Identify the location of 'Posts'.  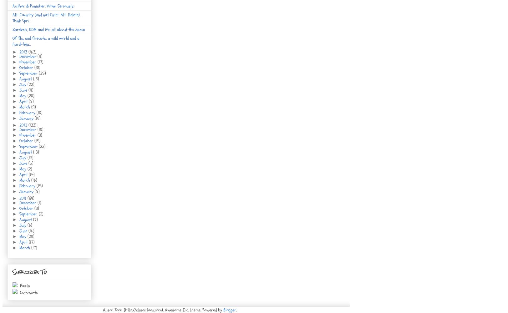
(24, 286).